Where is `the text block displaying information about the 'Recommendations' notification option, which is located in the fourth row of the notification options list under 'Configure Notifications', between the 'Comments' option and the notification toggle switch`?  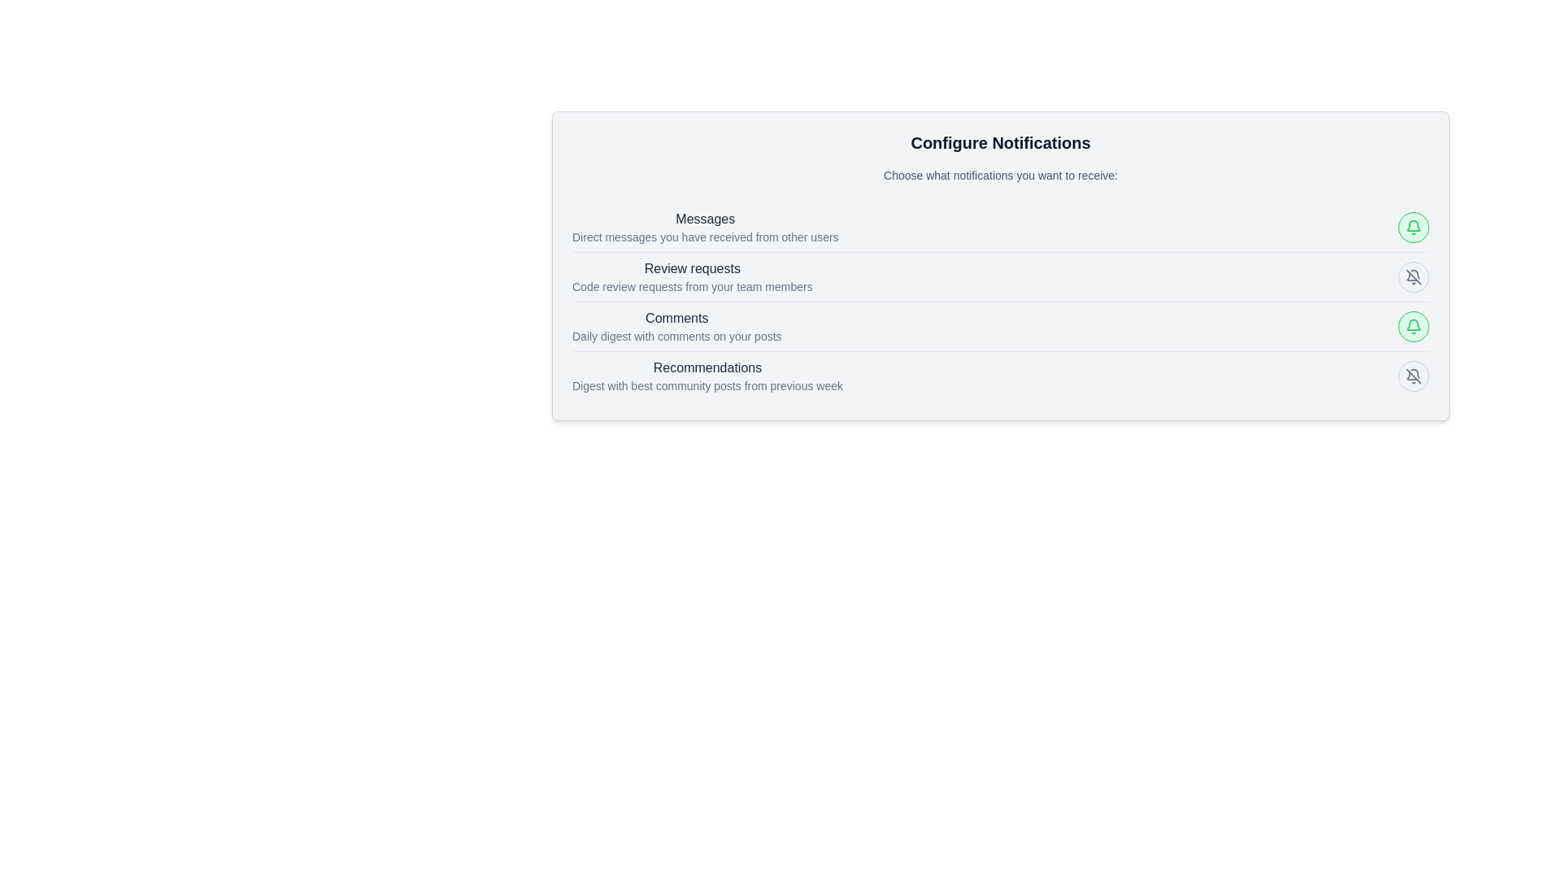
the text block displaying information about the 'Recommendations' notification option, which is located in the fourth row of the notification options list under 'Configure Notifications', between the 'Comments' option and the notification toggle switch is located at coordinates (707, 376).